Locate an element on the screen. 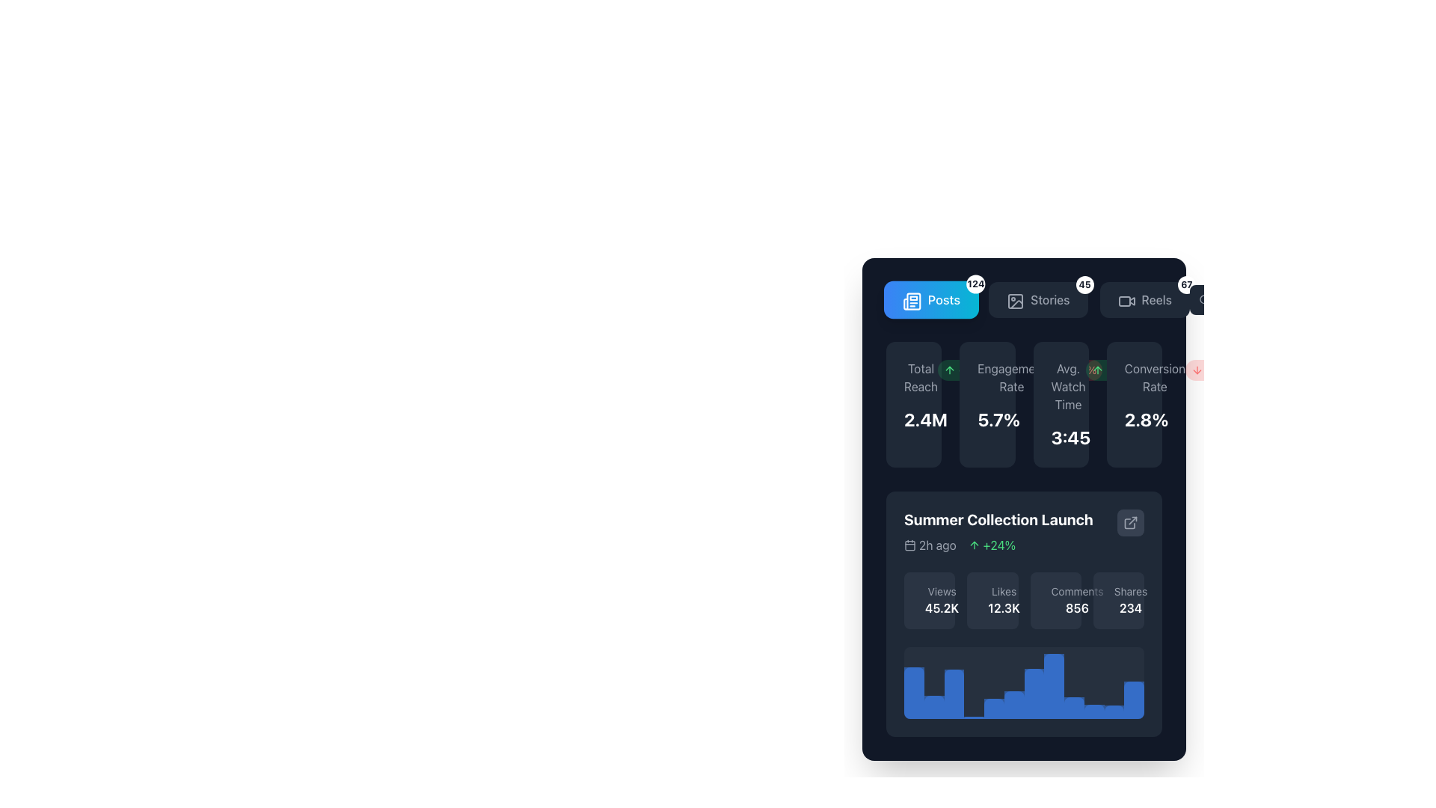 The height and width of the screenshot is (808, 1436). the second bar from the left in the horizontal bar chart at the bottom section of the dashboard card labeled 'Summer Collection Launch' is located at coordinates (933, 707).